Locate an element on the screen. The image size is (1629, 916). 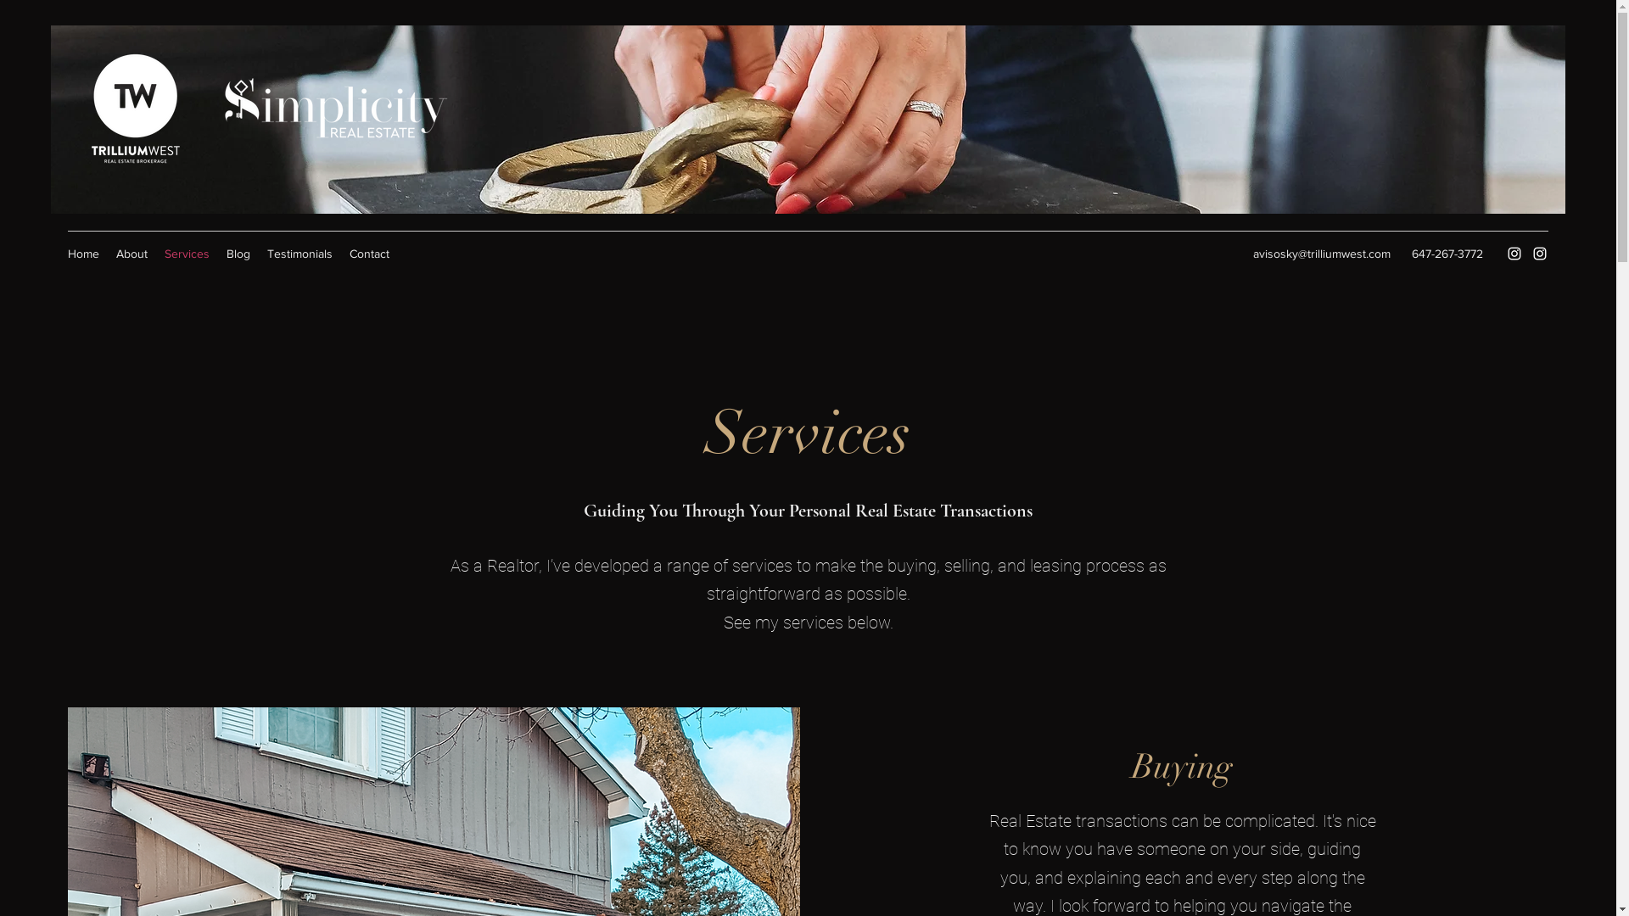
'Services' is located at coordinates (187, 254).